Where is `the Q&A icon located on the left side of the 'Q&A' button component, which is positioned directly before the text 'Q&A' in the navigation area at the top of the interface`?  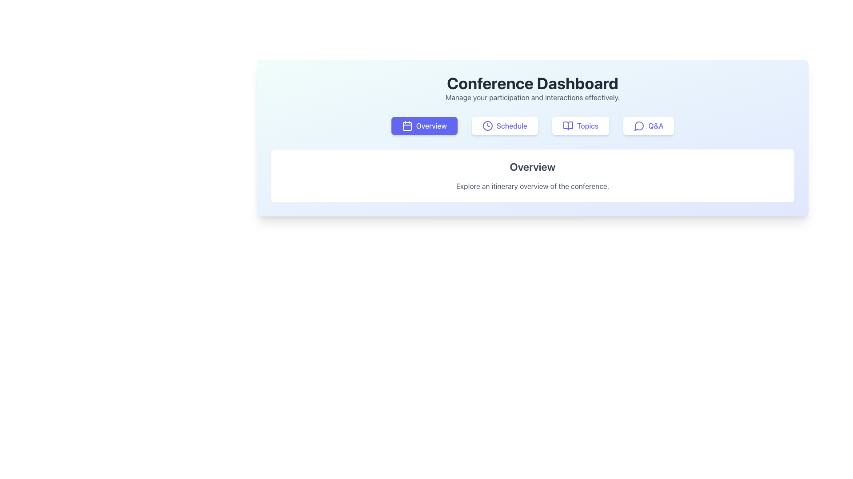 the Q&A icon located on the left side of the 'Q&A' button component, which is positioned directly before the text 'Q&A' in the navigation area at the top of the interface is located at coordinates (639, 126).